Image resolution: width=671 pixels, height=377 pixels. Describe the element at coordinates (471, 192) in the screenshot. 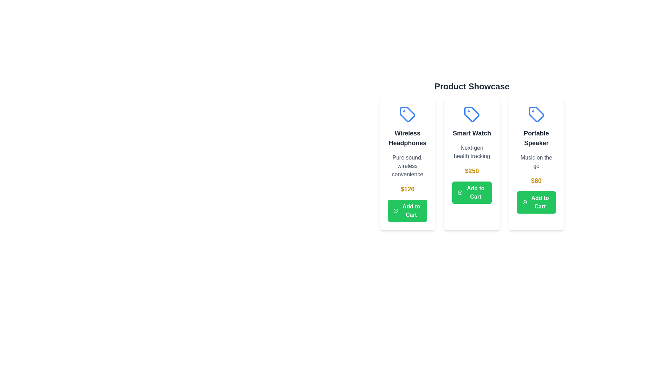

I see `'Add to Cart' button for the product identified by Smart Watch` at that location.